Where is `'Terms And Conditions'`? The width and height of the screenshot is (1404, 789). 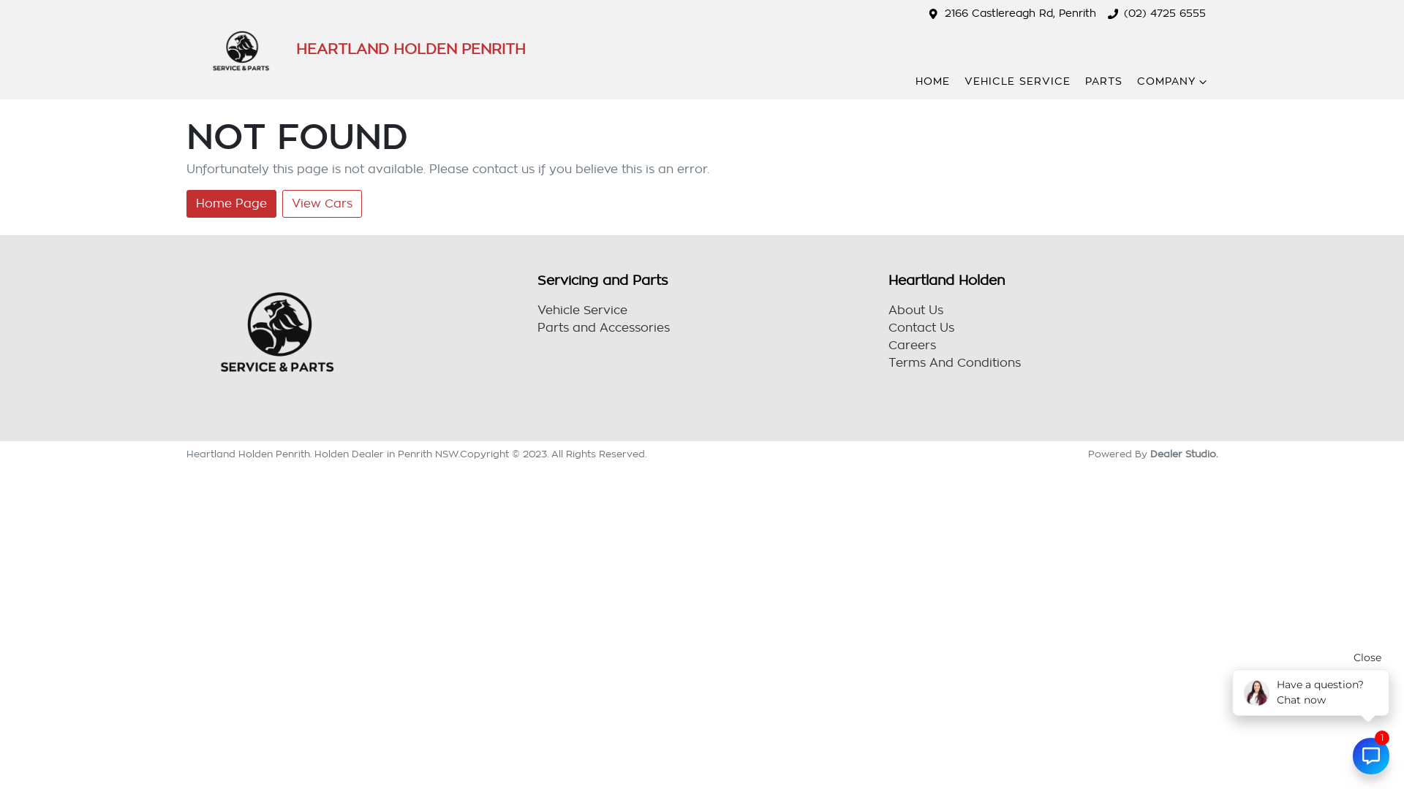
'Terms And Conditions' is located at coordinates (954, 362).